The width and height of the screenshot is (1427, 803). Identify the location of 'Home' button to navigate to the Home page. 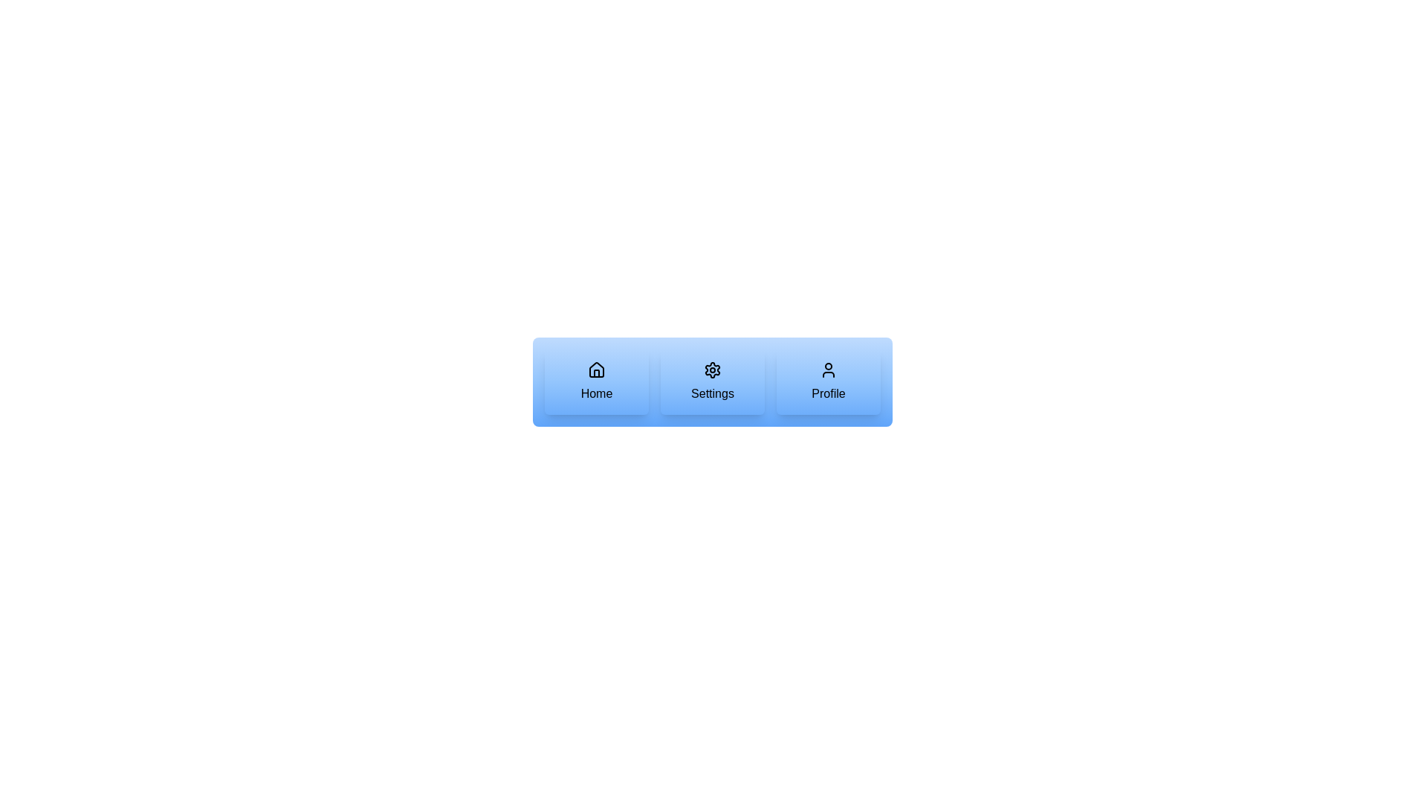
(596, 381).